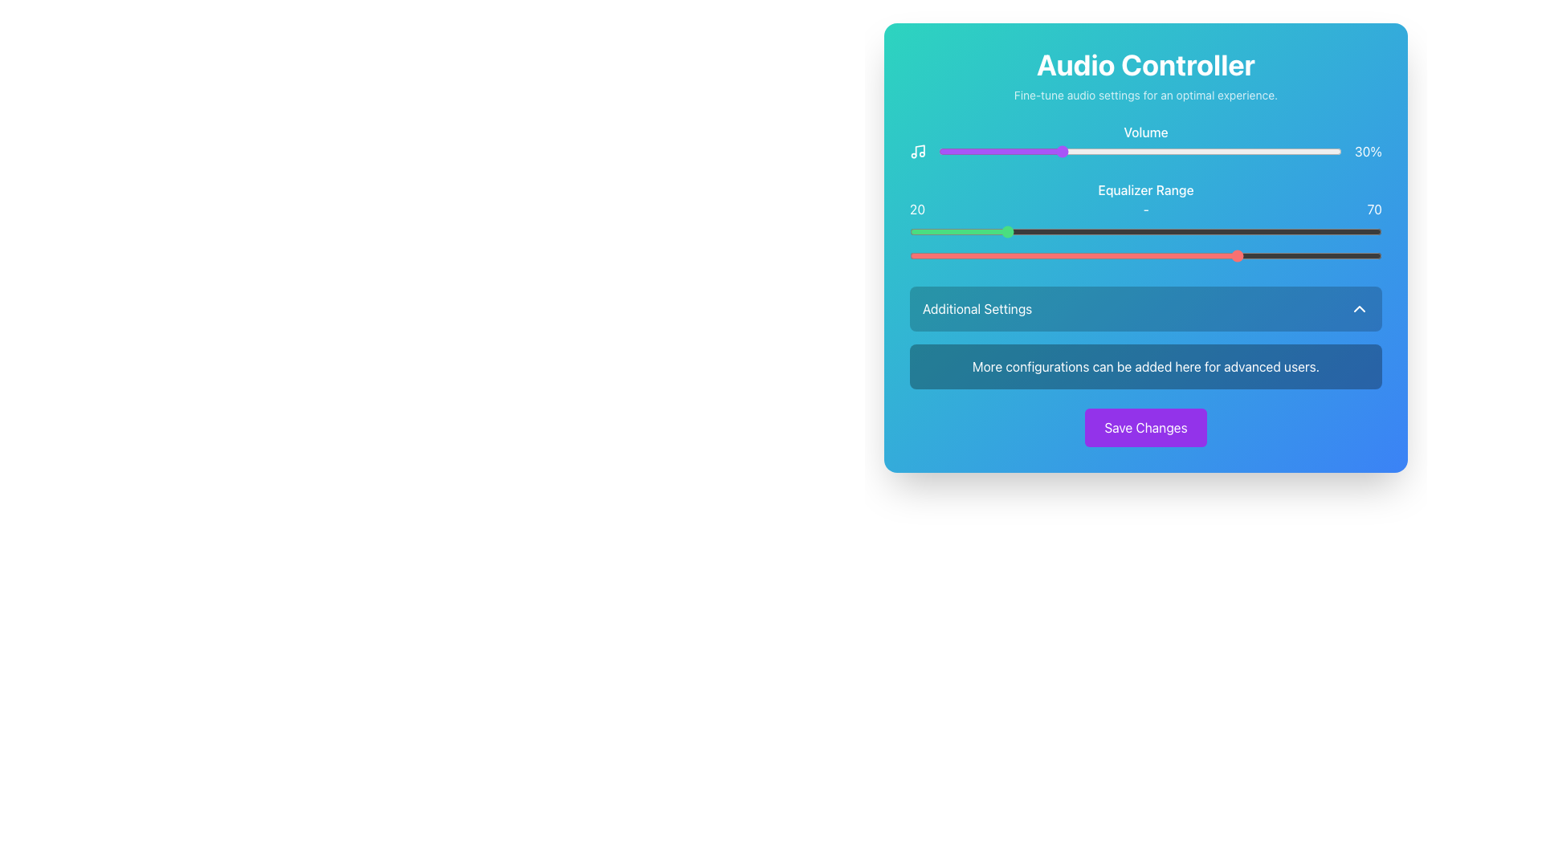  What do you see at coordinates (1289, 152) in the screenshot?
I see `the volume slider` at bounding box center [1289, 152].